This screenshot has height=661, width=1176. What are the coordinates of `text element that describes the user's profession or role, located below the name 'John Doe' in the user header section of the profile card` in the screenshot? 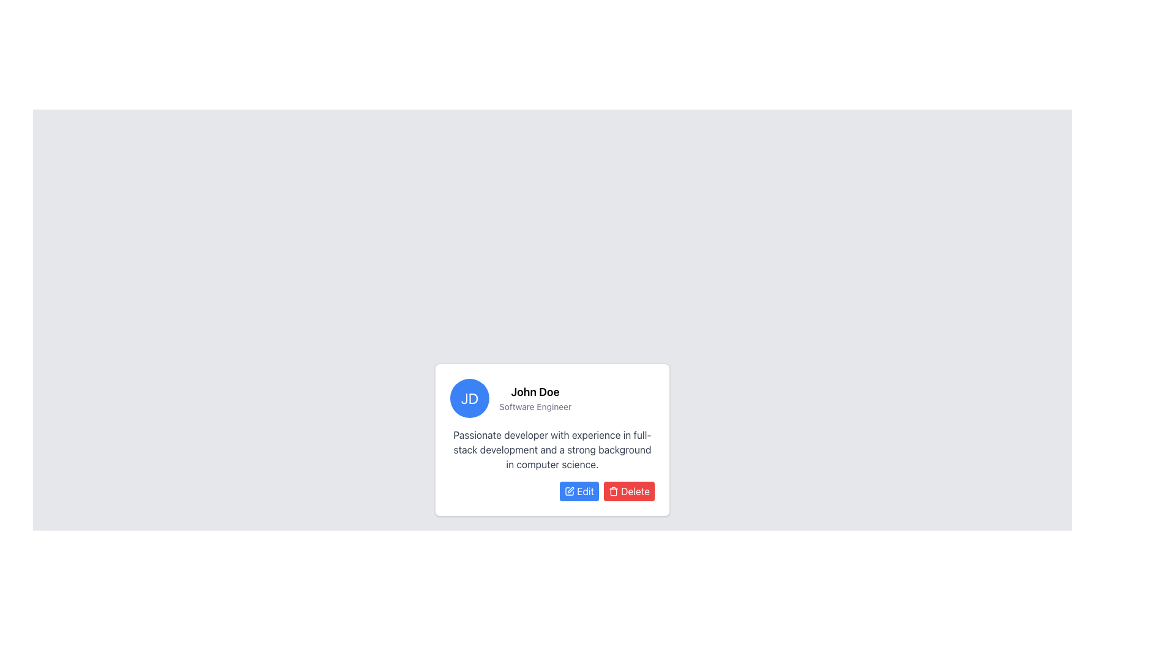 It's located at (535, 406).